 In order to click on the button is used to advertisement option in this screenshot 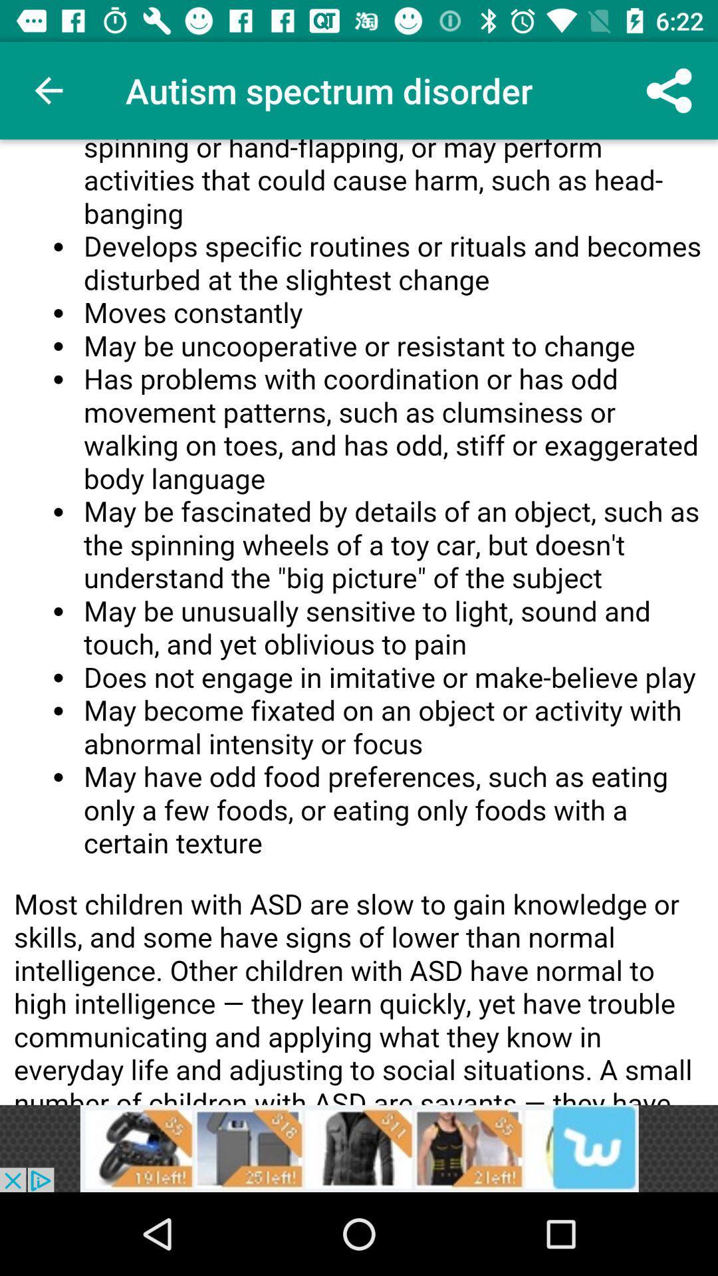, I will do `click(359, 1148)`.